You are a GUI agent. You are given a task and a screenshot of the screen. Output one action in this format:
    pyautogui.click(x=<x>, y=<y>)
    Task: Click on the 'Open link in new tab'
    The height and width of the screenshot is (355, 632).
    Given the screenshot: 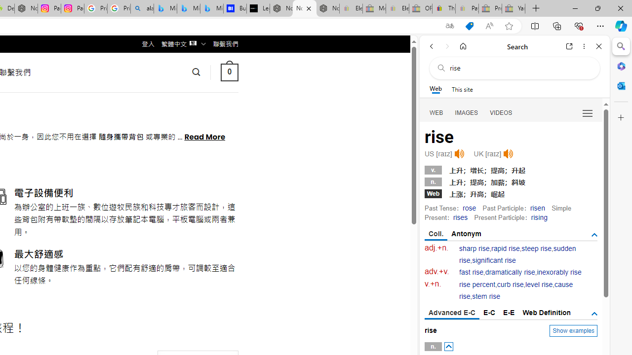 What is the action you would take?
    pyautogui.click(x=569, y=46)
    